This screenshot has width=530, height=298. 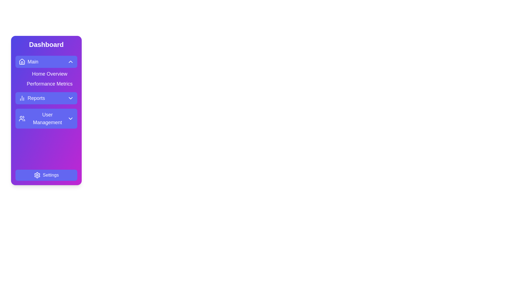 What do you see at coordinates (46, 44) in the screenshot?
I see `the 'Dashboard' static text label, which is a bold, large white font on a gradient purple background, located at the top of the vertical sidebar navigation panel` at bounding box center [46, 44].